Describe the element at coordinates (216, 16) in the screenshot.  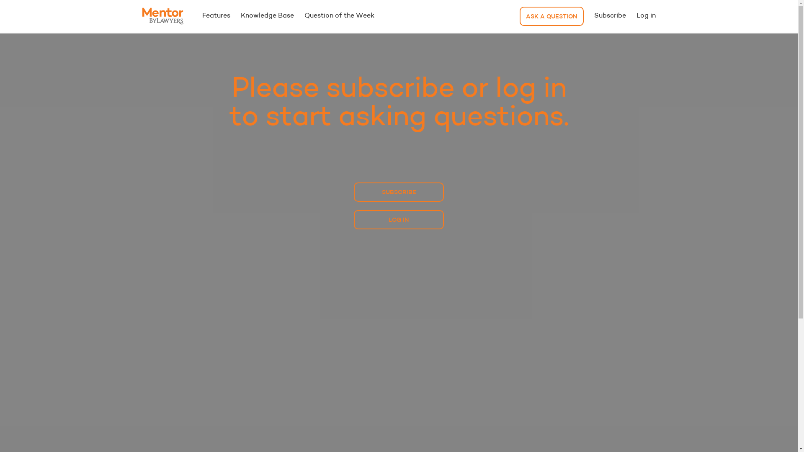
I see `'Features'` at that location.